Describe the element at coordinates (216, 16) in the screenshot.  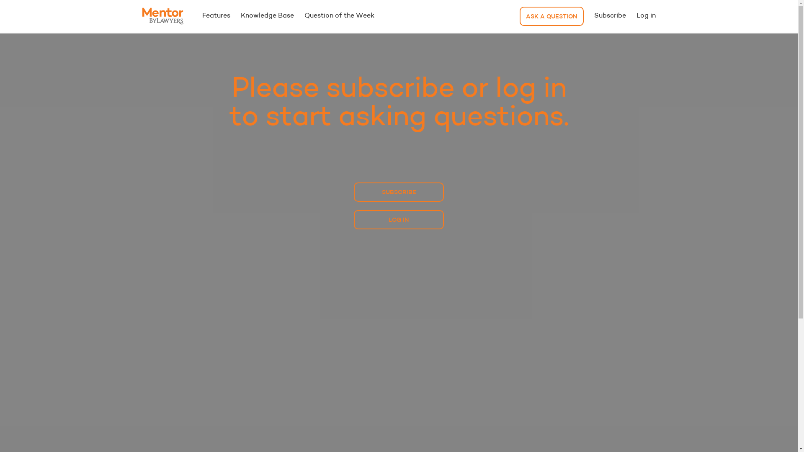
I see `'Features'` at that location.